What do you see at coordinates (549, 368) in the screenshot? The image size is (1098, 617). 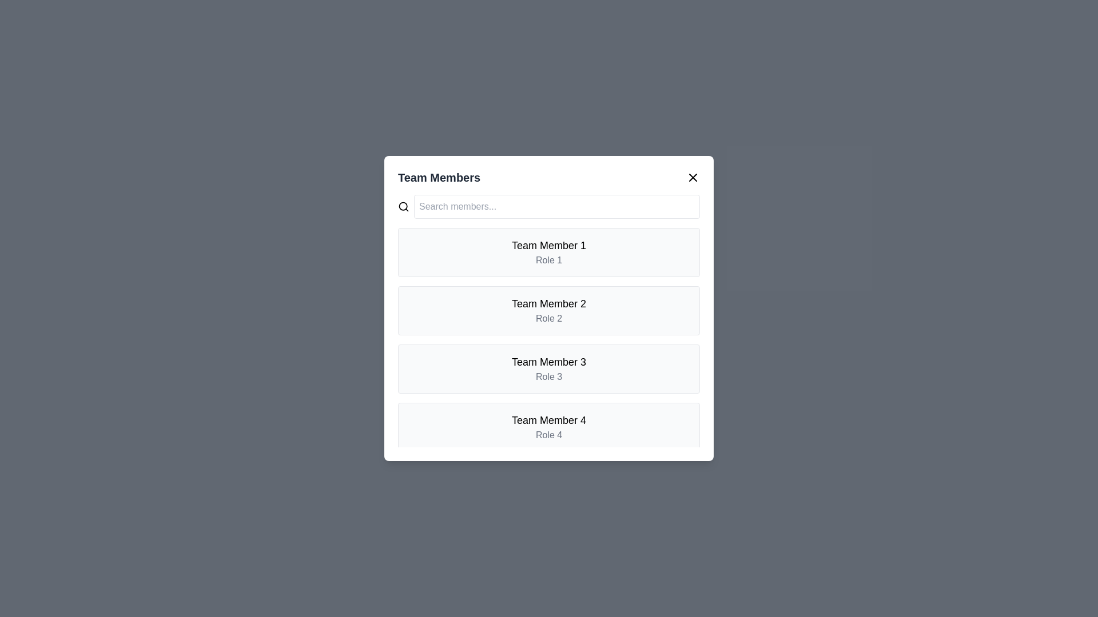 I see `the card of team member Team Member 3` at bounding box center [549, 368].